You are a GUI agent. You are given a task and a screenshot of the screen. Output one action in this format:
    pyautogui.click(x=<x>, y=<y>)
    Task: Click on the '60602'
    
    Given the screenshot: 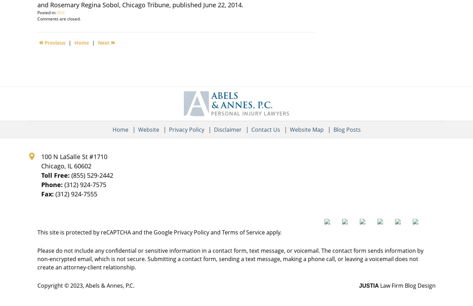 What is the action you would take?
    pyautogui.click(x=74, y=165)
    